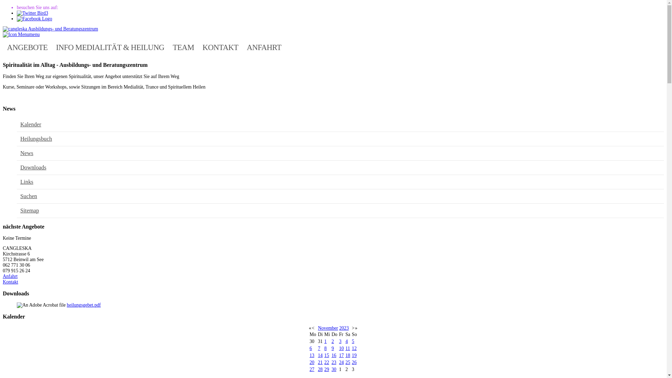 The image size is (672, 378). I want to click on 'Downloads', so click(33, 167).